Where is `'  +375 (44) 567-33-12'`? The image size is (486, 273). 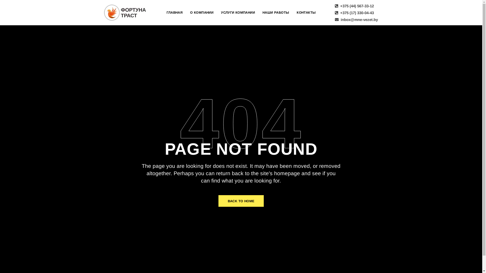 '  +375 (44) 567-33-12' is located at coordinates (354, 6).